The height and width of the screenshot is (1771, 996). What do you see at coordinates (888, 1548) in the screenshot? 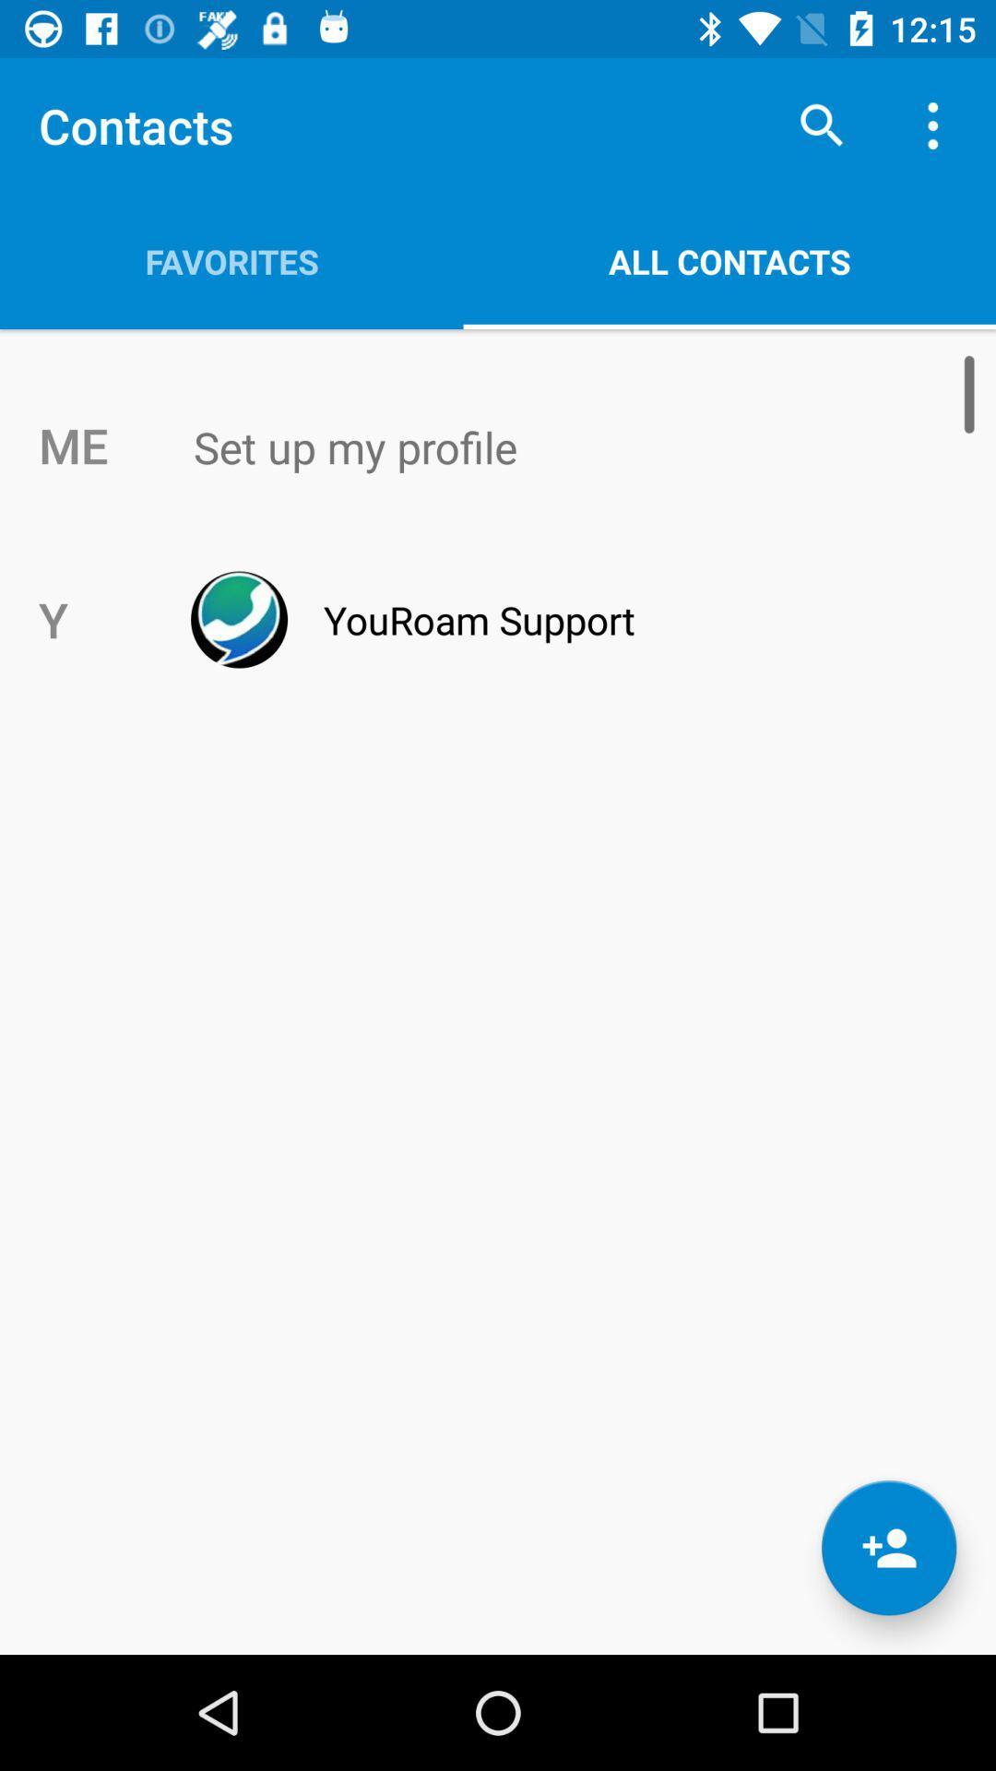
I see `icon below youroam support icon` at bounding box center [888, 1548].